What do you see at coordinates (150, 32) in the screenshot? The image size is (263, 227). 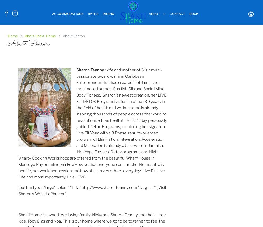 I see `'Treasure Beach'` at bounding box center [150, 32].